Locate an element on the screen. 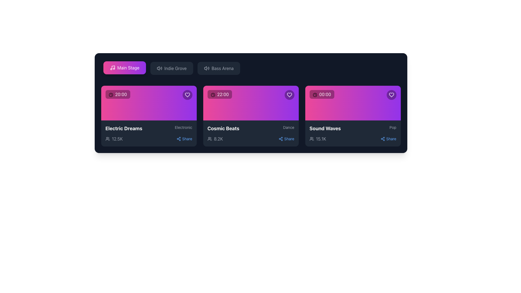 This screenshot has height=293, width=521. the first informational card displaying the event 'Electric Dreams' scheduled at '20:00' is located at coordinates (149, 103).